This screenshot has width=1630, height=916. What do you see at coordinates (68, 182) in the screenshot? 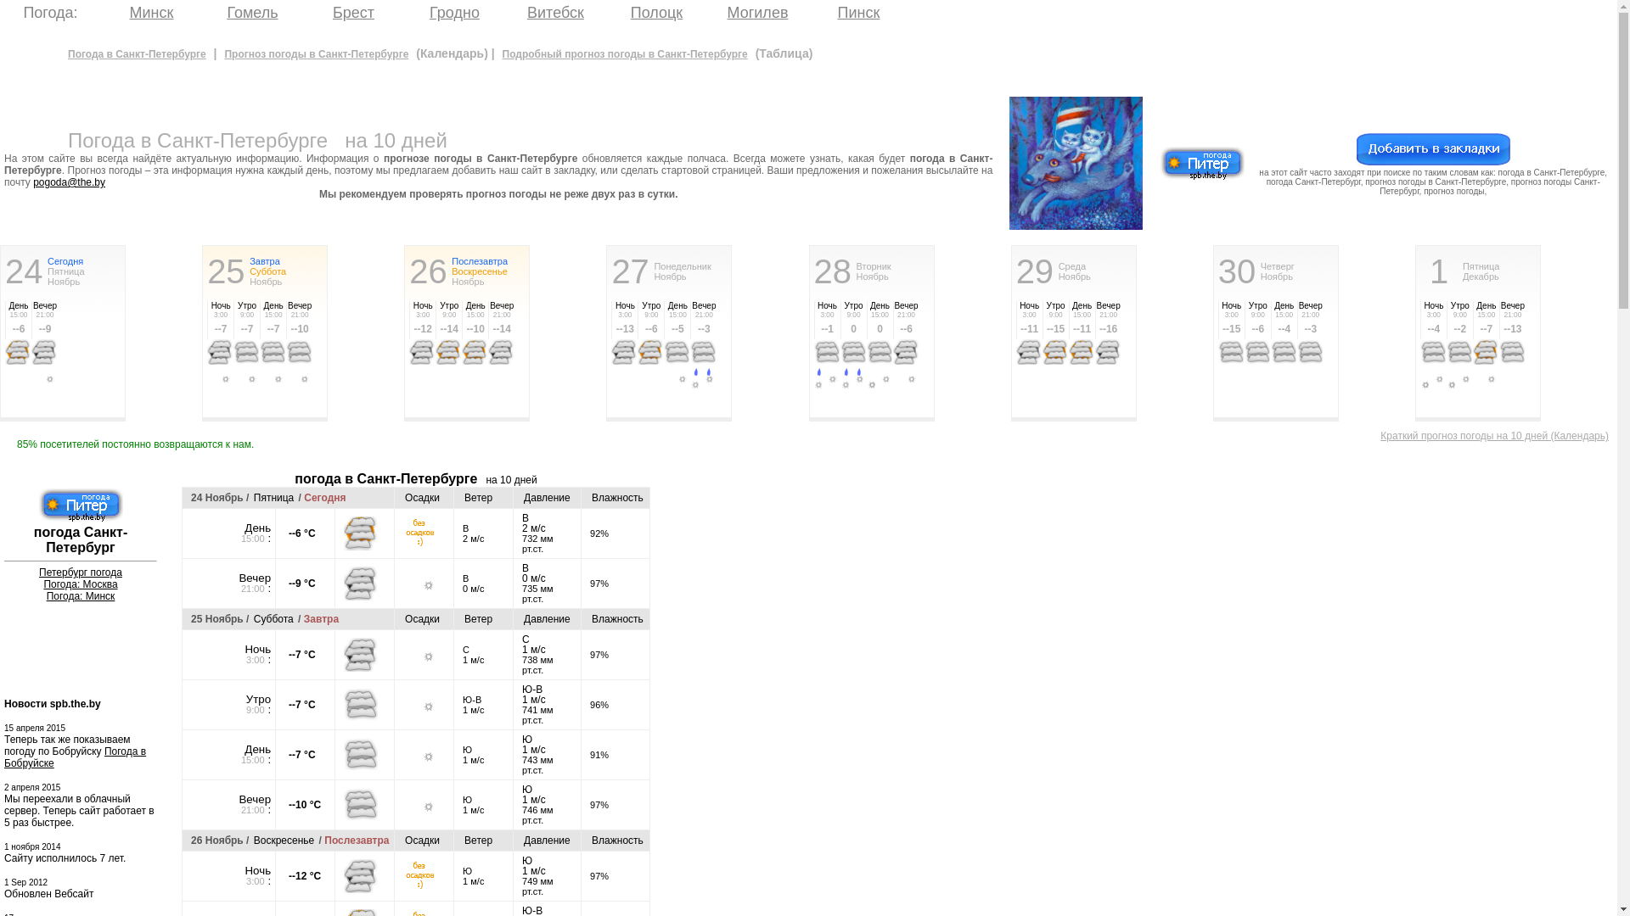
I see `'pogoda@the.by'` at bounding box center [68, 182].